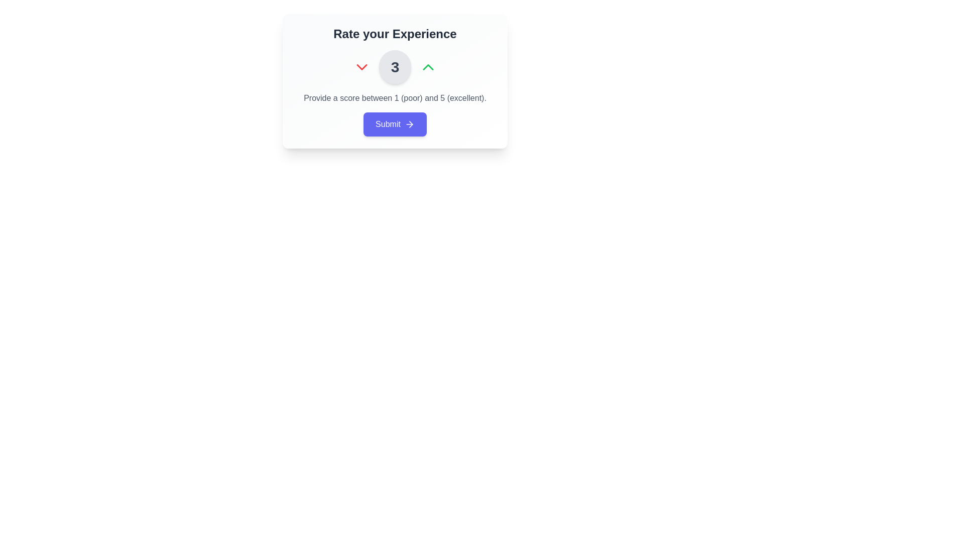  Describe the element at coordinates (395, 67) in the screenshot. I see `the Text display that shows the current rating value of 3, located between a downward arrow icon on the left and an upward arrow icon on the right` at that location.